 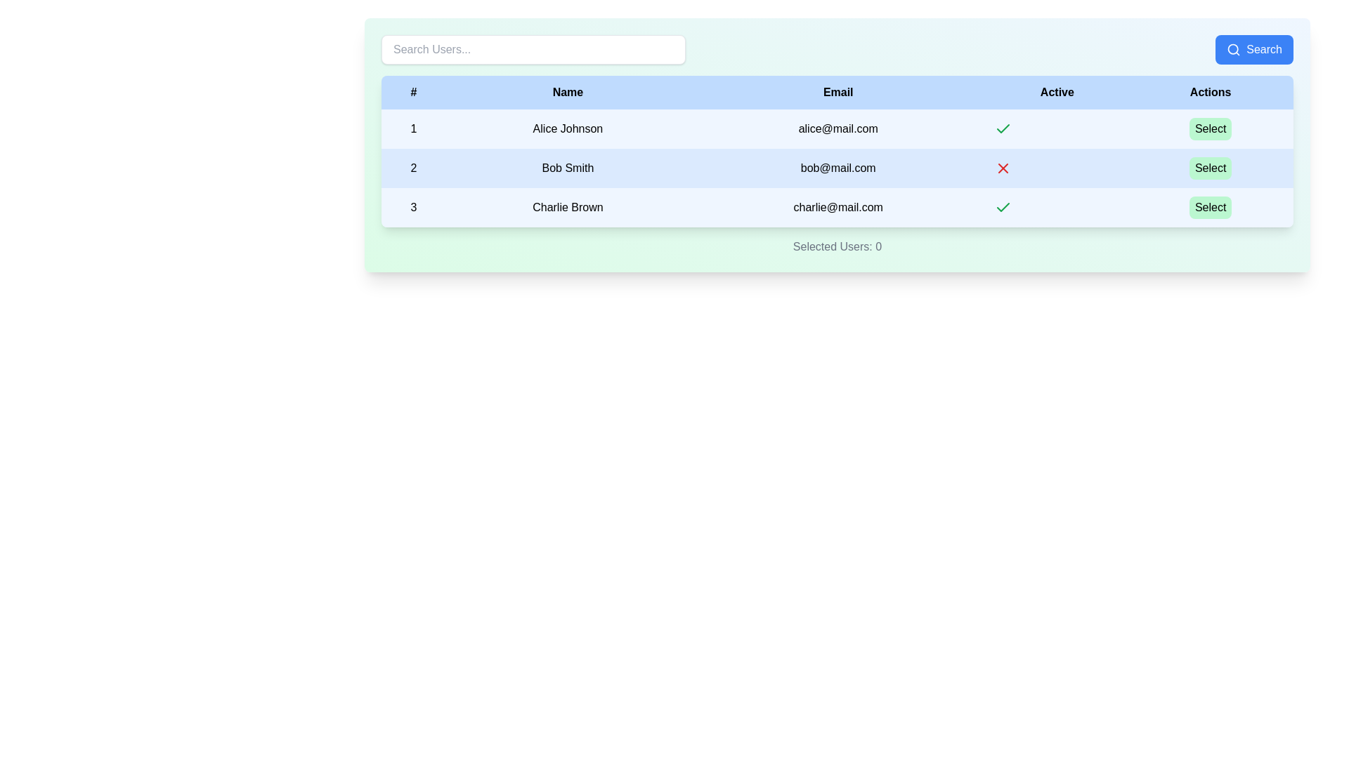 What do you see at coordinates (838, 129) in the screenshot?
I see `the static text field displaying the email address for user Alice Johnson, located in the first row of the table under the 'Email' column` at bounding box center [838, 129].